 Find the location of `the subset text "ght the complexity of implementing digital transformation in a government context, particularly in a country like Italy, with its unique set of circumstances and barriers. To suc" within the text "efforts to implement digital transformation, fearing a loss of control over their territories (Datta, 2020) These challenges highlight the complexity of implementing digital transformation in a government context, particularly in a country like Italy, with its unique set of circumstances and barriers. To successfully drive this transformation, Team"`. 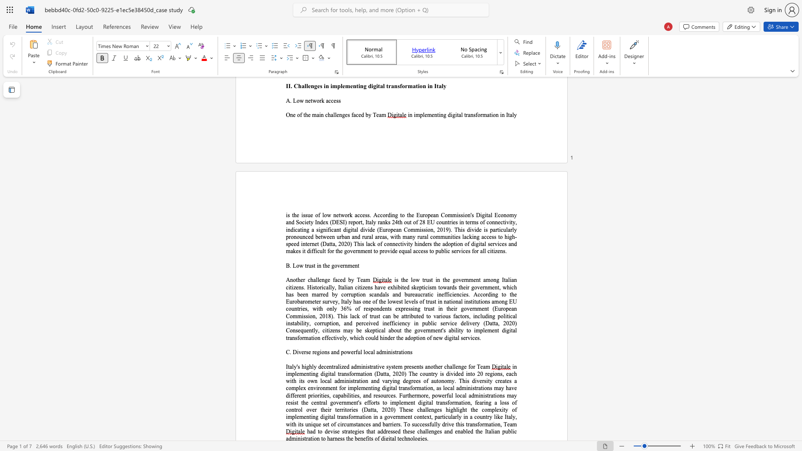

the subset text "ght the complexity of implementing digital transformation in a government context, particularly in a country like Italy, with its unique set of circumstances and barriers. To suc" within the text "efforts to implement digital transformation, fearing a loss of control over their territories (Datta, 2020) These challenges highlight the complexity of implementing digital transformation in a government context, particularly in a country like Italy, with its unique set of circumstances and barriers. To successfully drive this transformation, Team" is located at coordinates (459, 409).